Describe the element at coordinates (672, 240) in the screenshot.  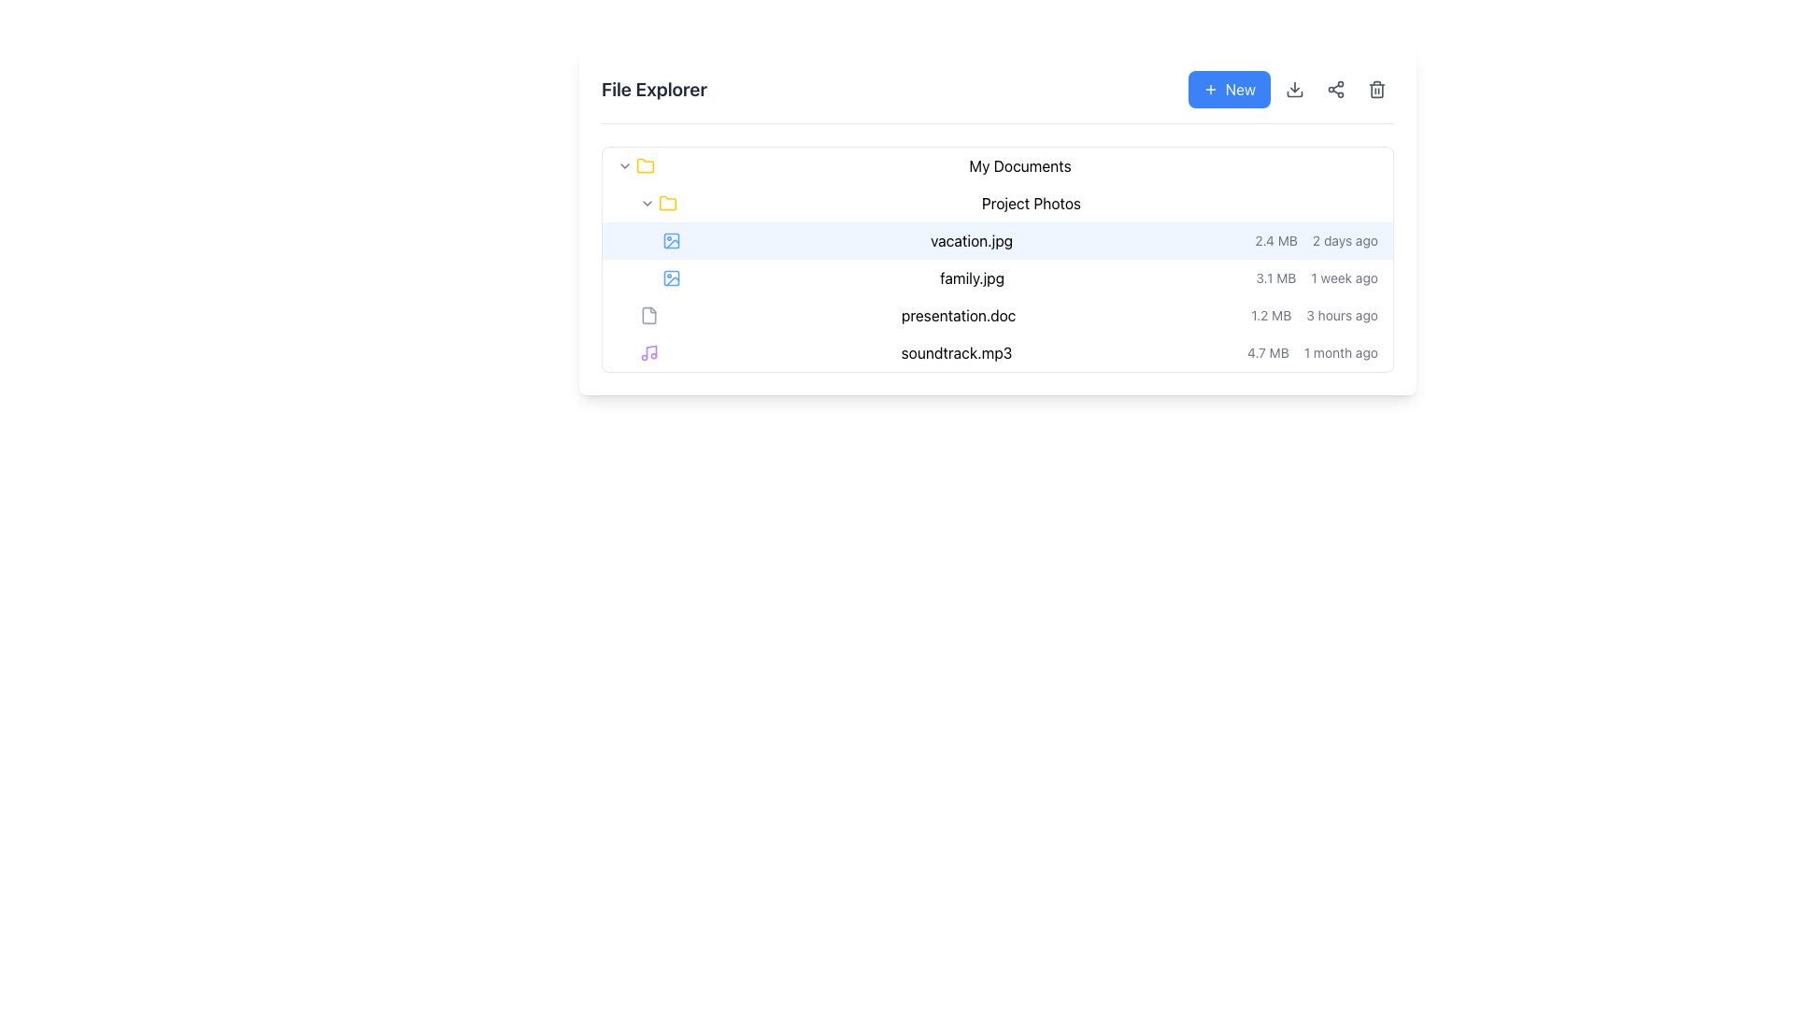
I see `the image file icon for 'vacation.jpg'` at that location.